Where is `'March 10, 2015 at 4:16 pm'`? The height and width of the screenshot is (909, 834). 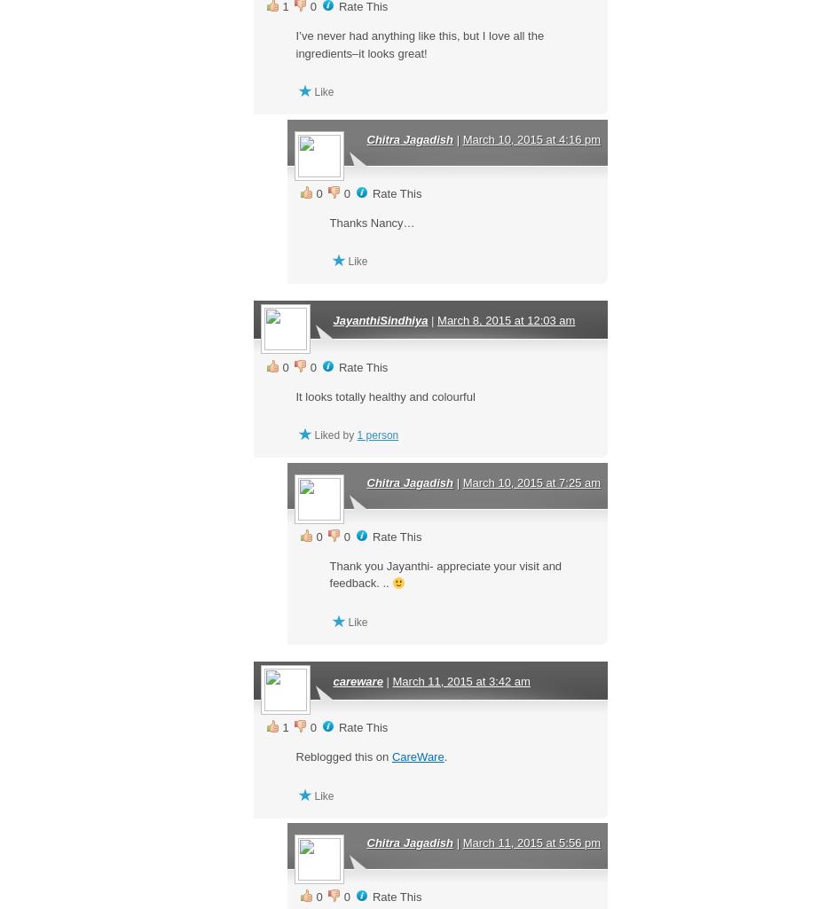 'March 10, 2015 at 4:16 pm' is located at coordinates (461, 137).